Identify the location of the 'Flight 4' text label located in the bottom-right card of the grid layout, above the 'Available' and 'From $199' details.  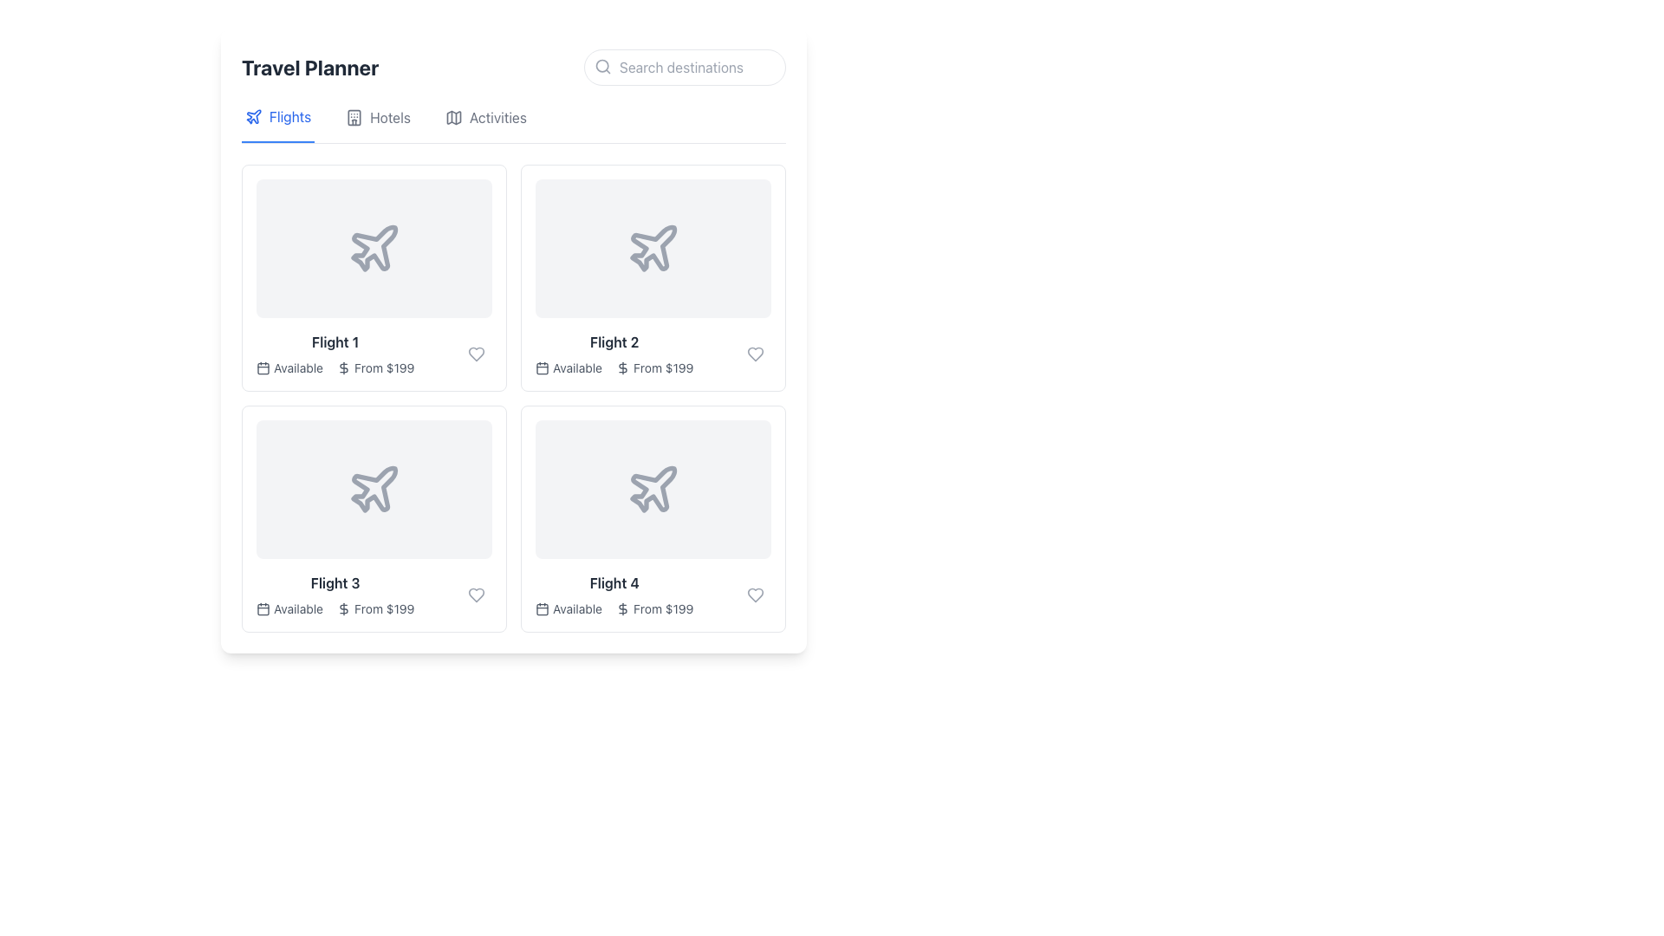
(614, 582).